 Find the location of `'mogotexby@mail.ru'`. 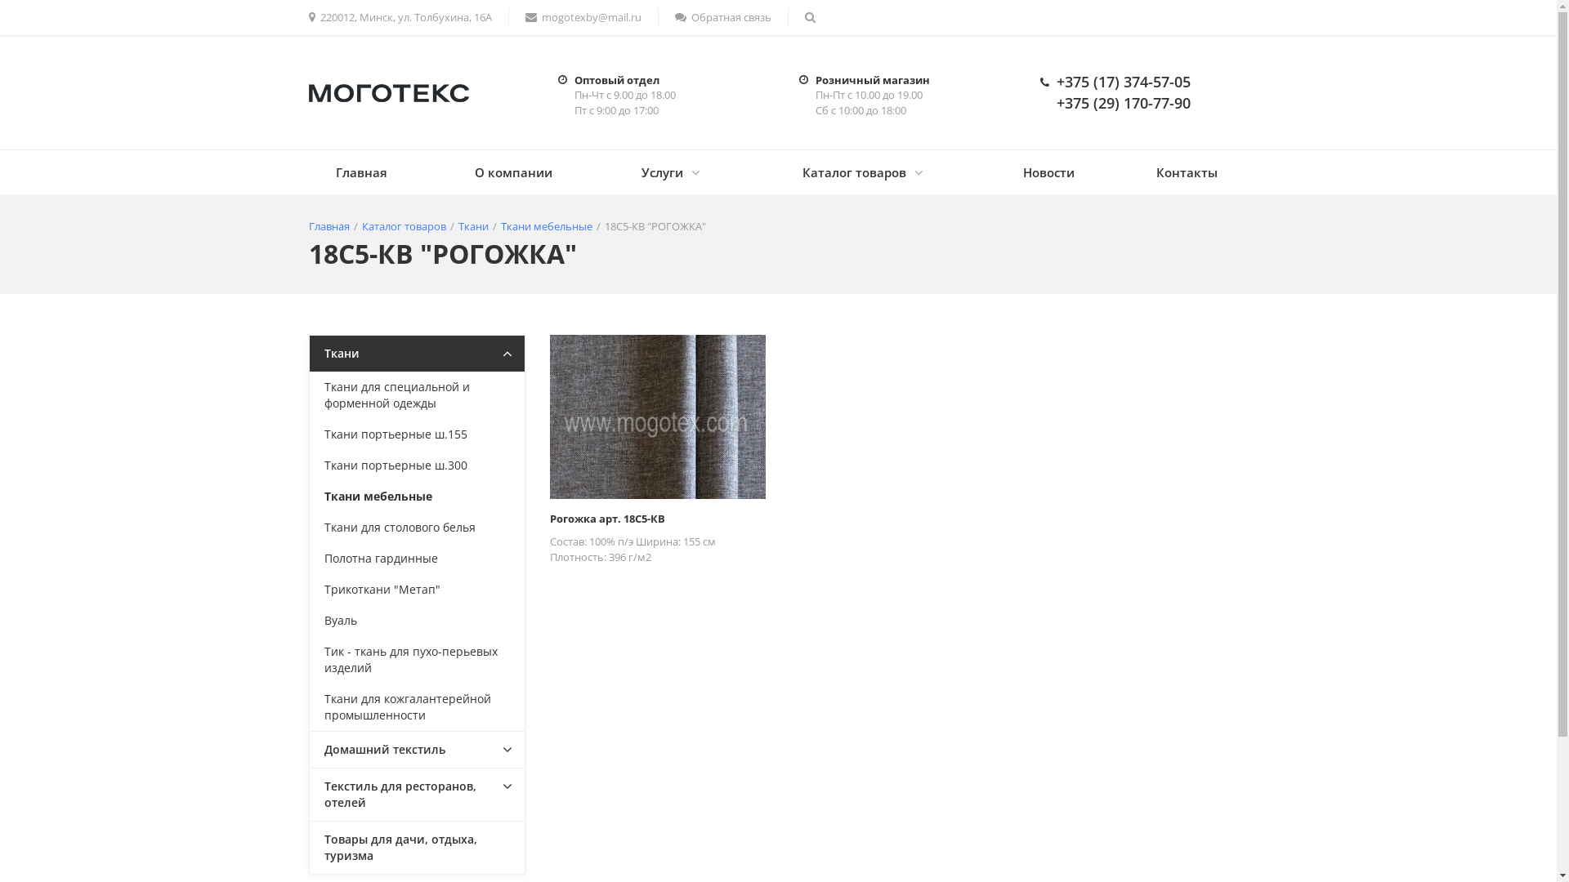

'mogotexby@mail.ru' is located at coordinates (583, 17).